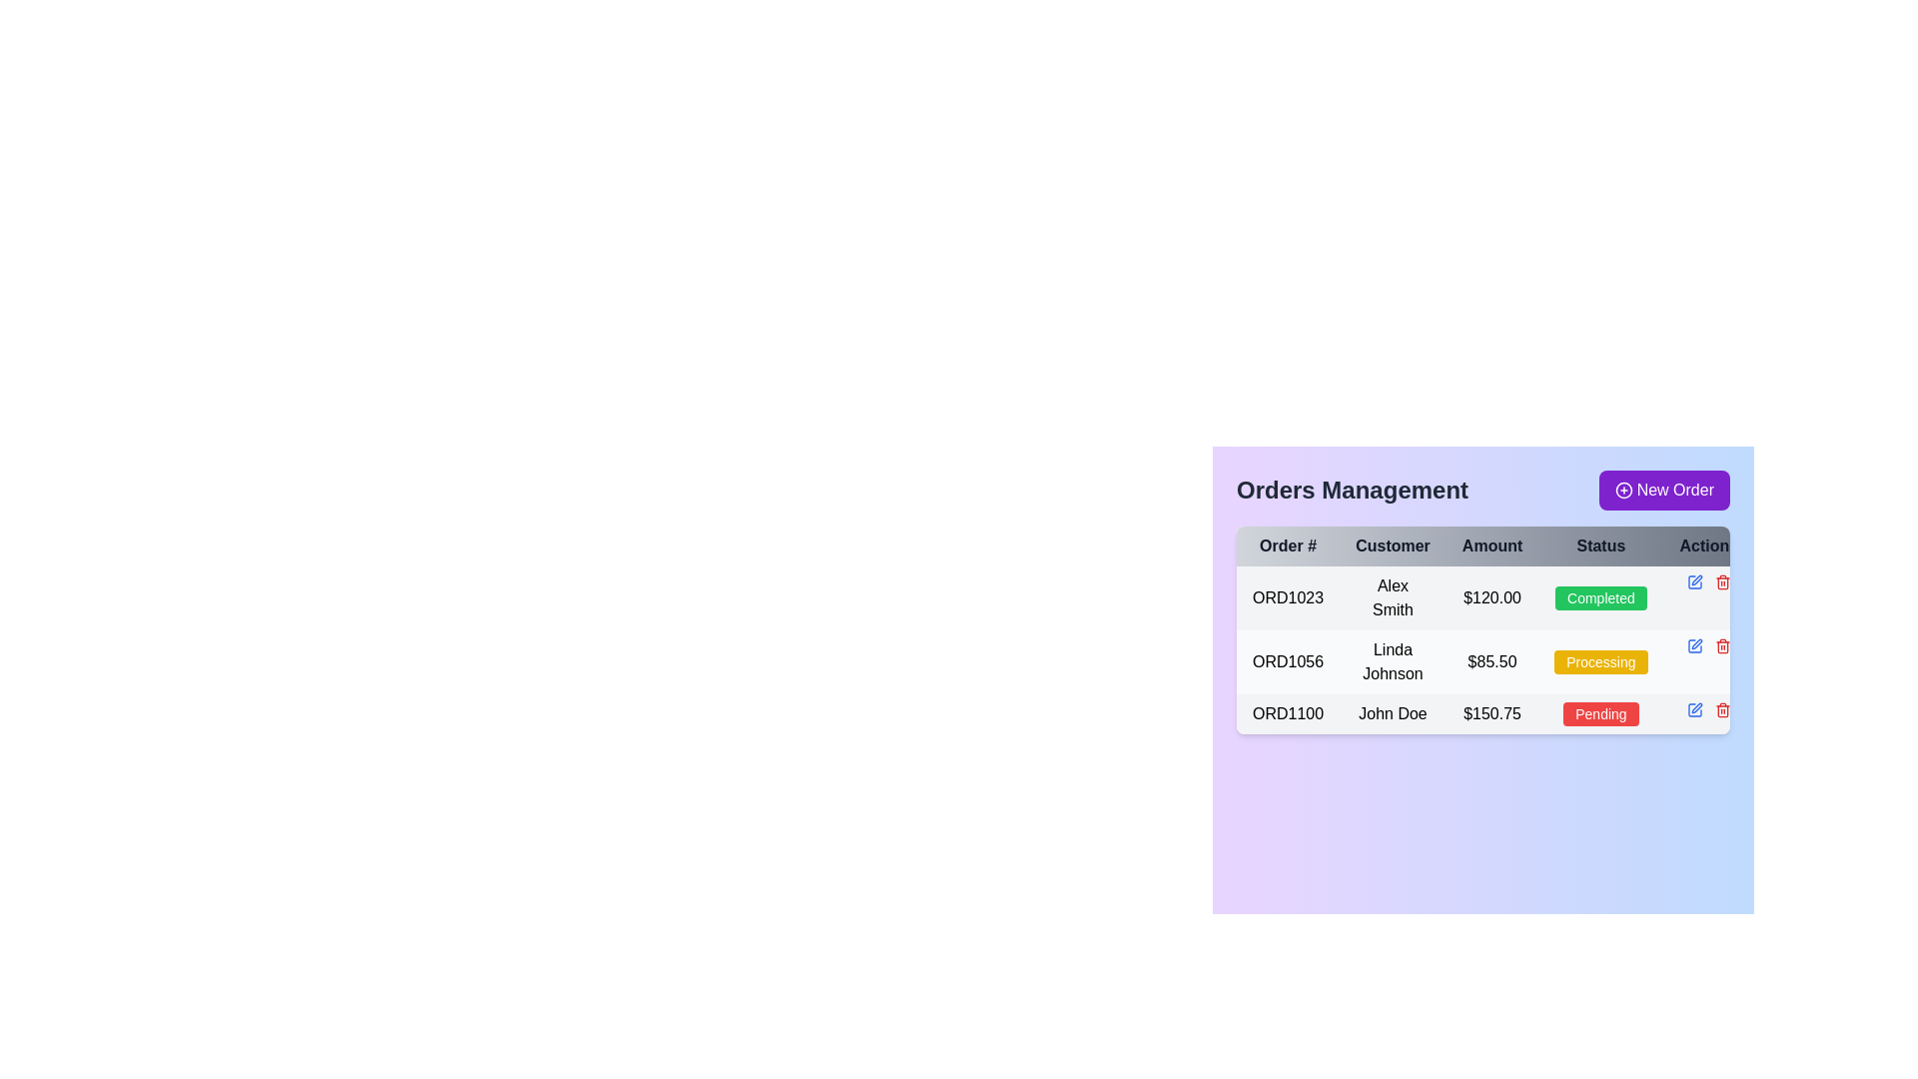  I want to click on the 'Customer' text label located in the second column header of the table, which is displayed in a medium-dark font on a light gray background, so click(1392, 546).